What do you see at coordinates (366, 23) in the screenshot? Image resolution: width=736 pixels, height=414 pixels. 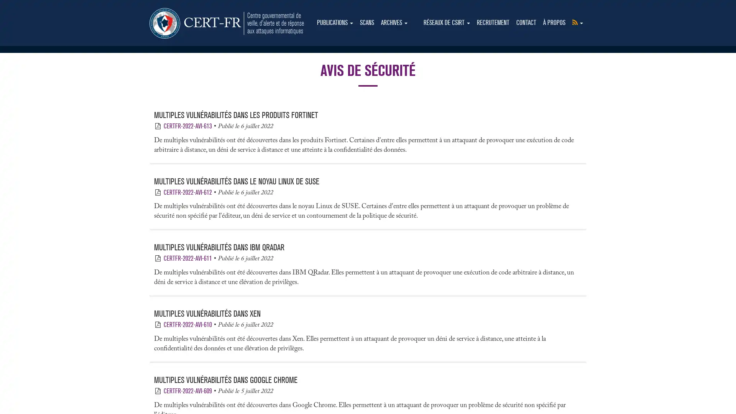 I see `SCANS` at bounding box center [366, 23].